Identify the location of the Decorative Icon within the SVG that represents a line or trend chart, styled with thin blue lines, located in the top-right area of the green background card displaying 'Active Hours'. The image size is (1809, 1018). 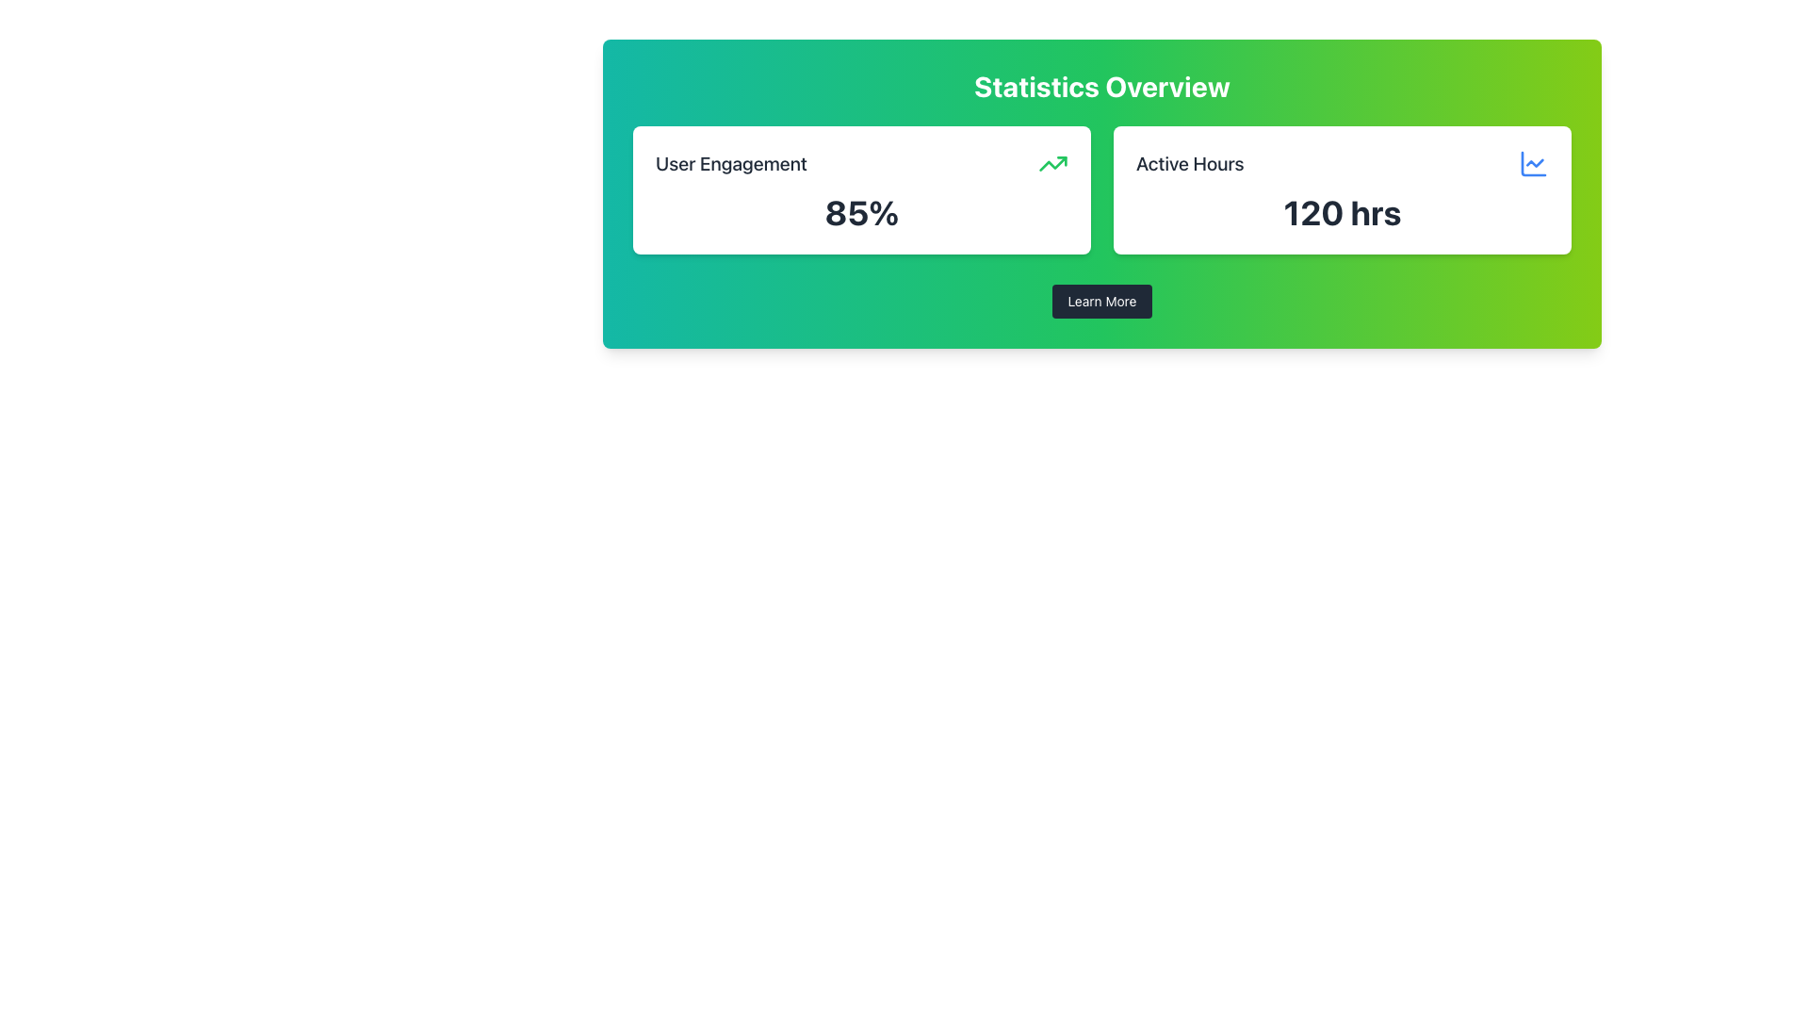
(1535, 162).